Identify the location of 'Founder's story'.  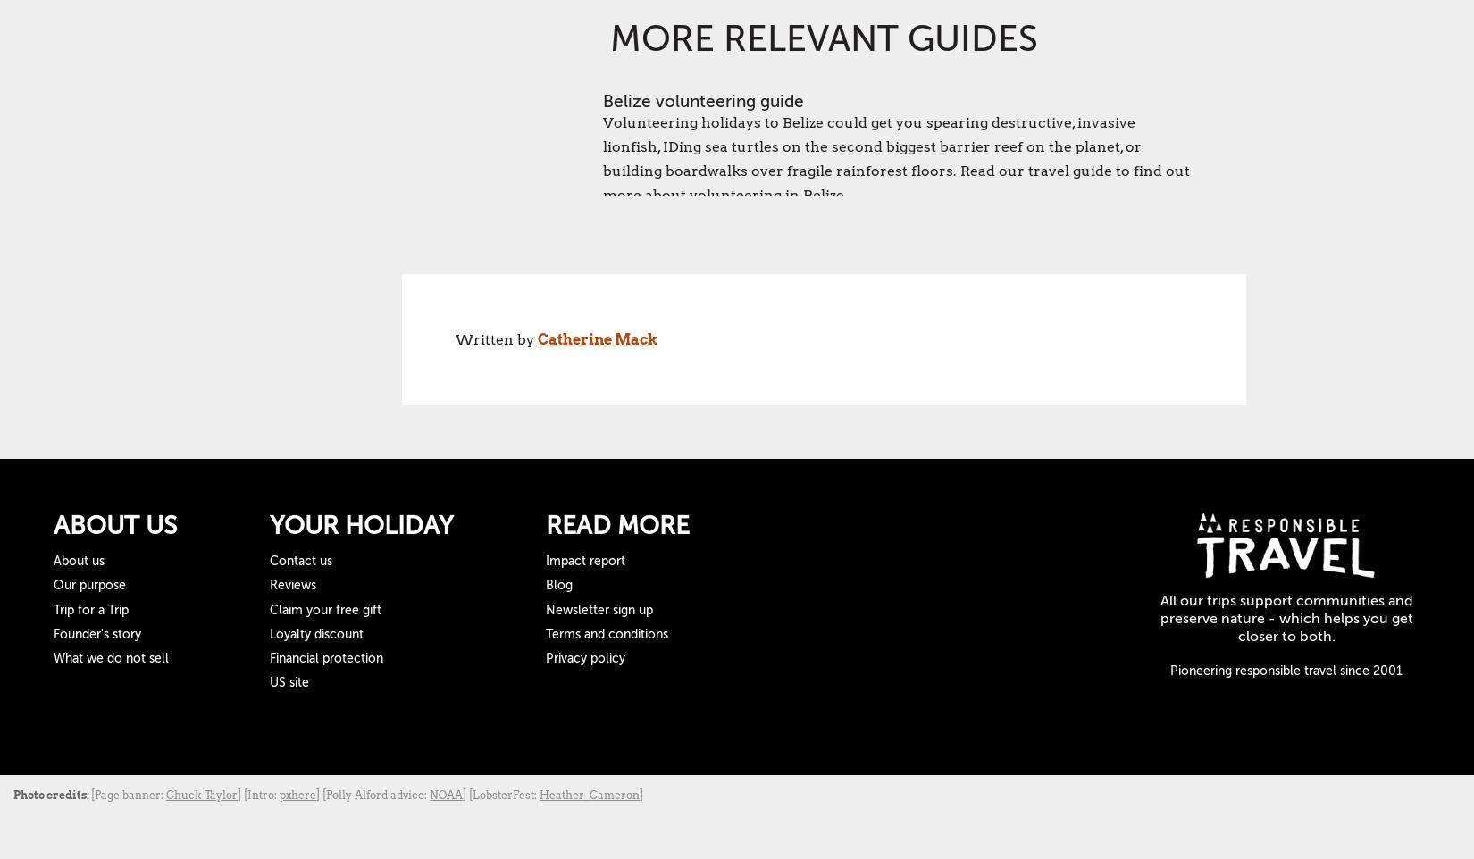
(97, 632).